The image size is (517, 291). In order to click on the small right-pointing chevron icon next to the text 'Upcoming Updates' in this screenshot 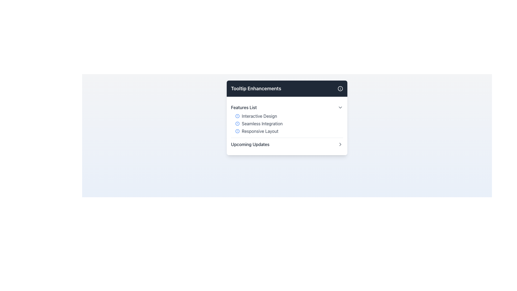, I will do `click(340, 144)`.